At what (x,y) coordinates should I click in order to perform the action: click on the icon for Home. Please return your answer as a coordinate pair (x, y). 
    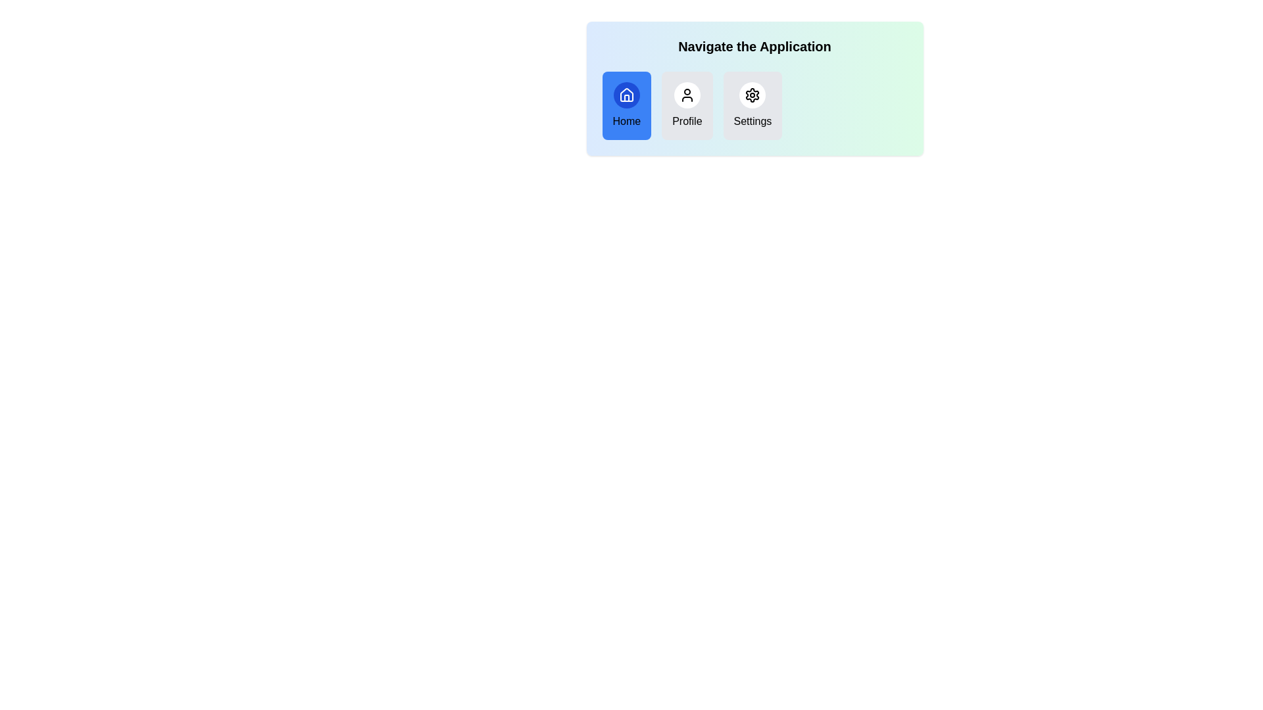
    Looking at the image, I should click on (626, 95).